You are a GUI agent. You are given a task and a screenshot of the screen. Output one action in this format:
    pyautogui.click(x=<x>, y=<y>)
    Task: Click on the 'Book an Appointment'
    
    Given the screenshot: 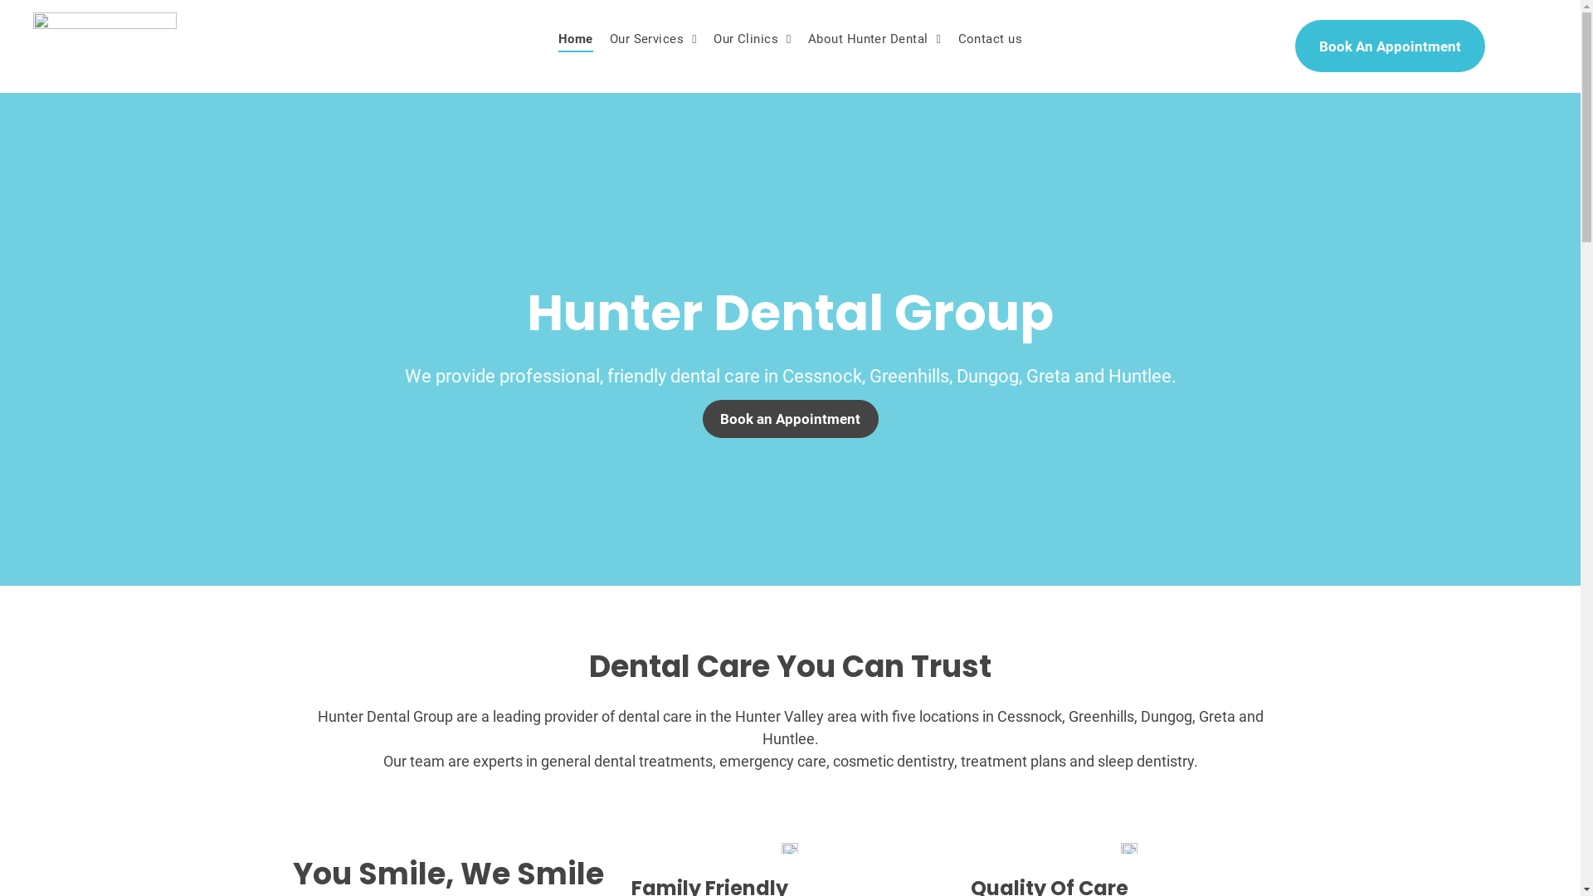 What is the action you would take?
    pyautogui.click(x=788, y=418)
    